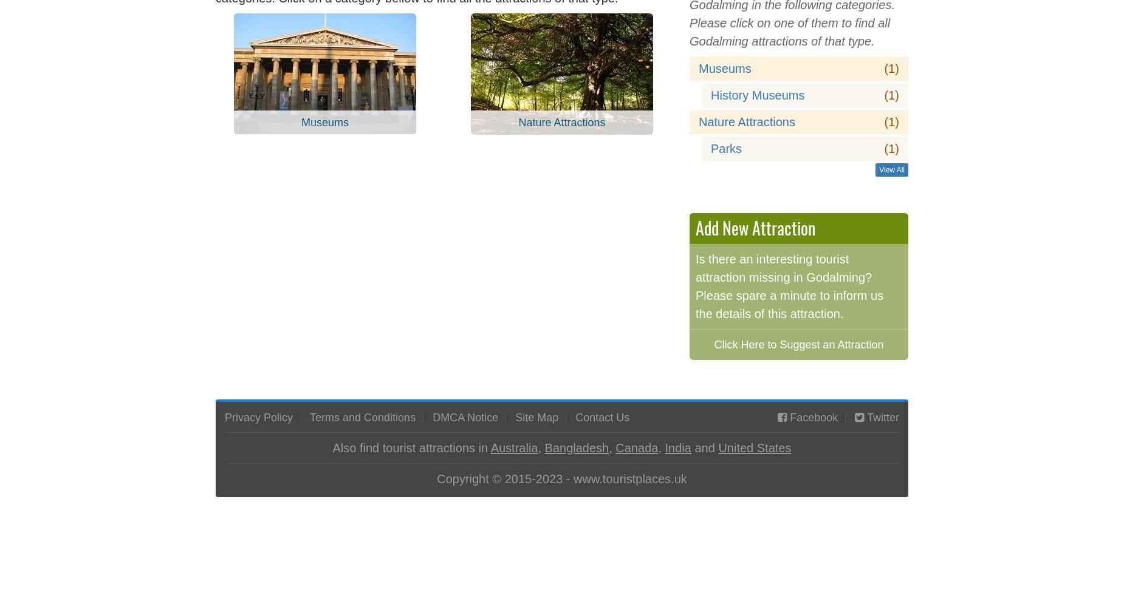 This screenshot has width=1124, height=607. I want to click on 'Privacy Policy', so click(224, 417).